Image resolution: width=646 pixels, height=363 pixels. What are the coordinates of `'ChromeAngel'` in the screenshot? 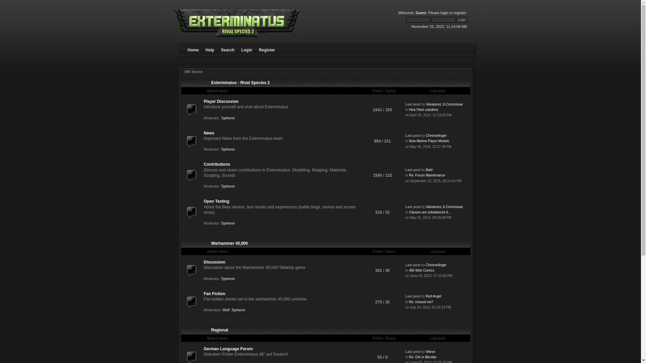 It's located at (436, 135).